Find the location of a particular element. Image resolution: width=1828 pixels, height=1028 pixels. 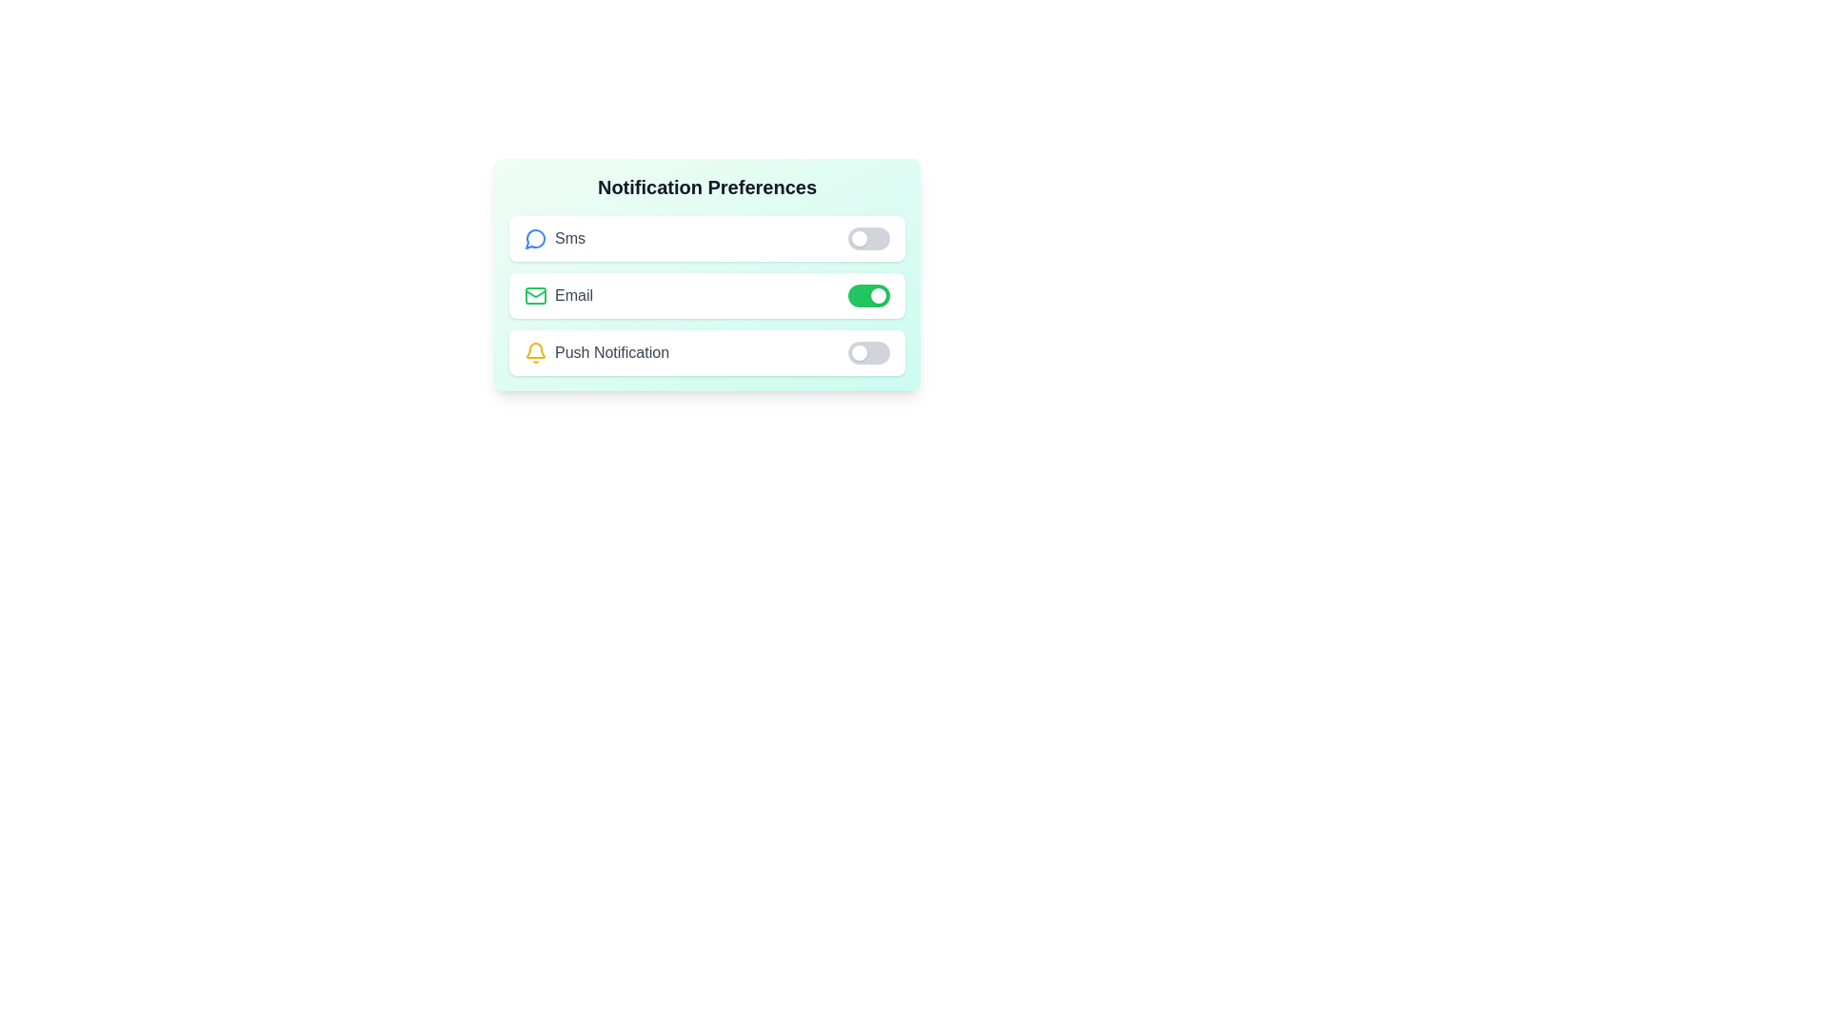

the toggle switch at the far right end of the 'Push Notification' row is located at coordinates (867, 352).